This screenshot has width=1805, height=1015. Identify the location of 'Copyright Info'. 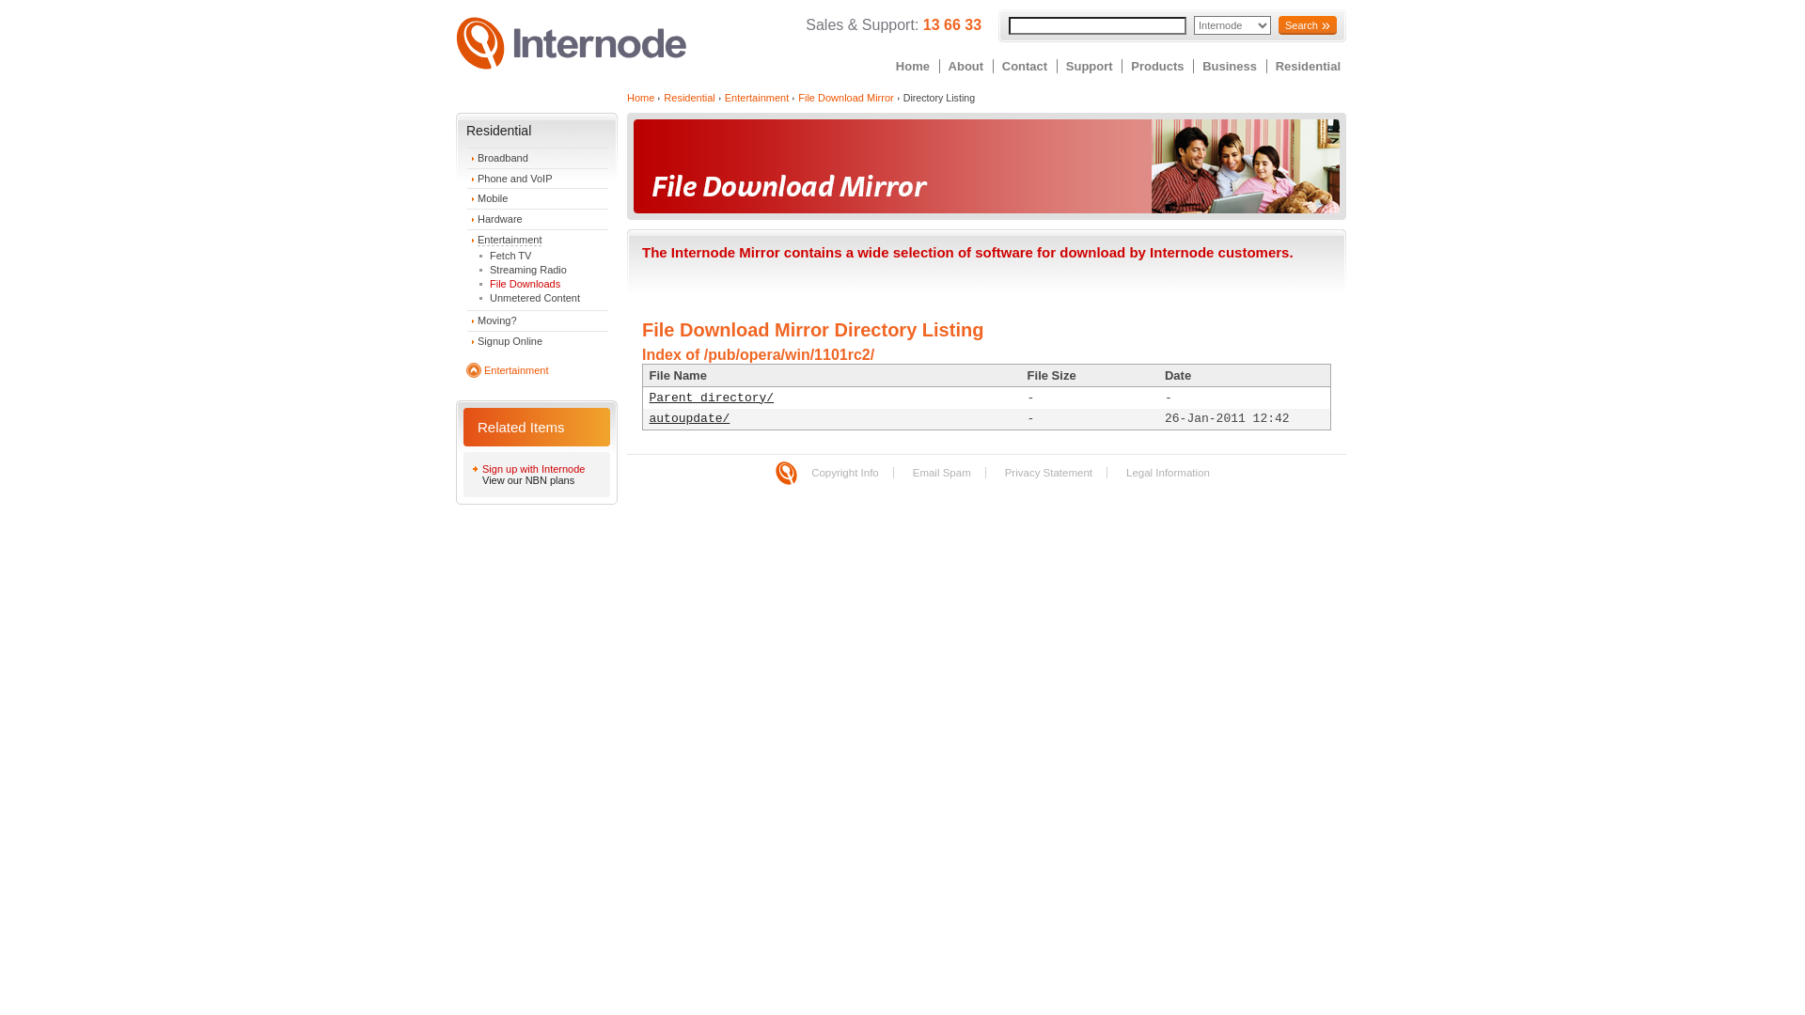
(843, 471).